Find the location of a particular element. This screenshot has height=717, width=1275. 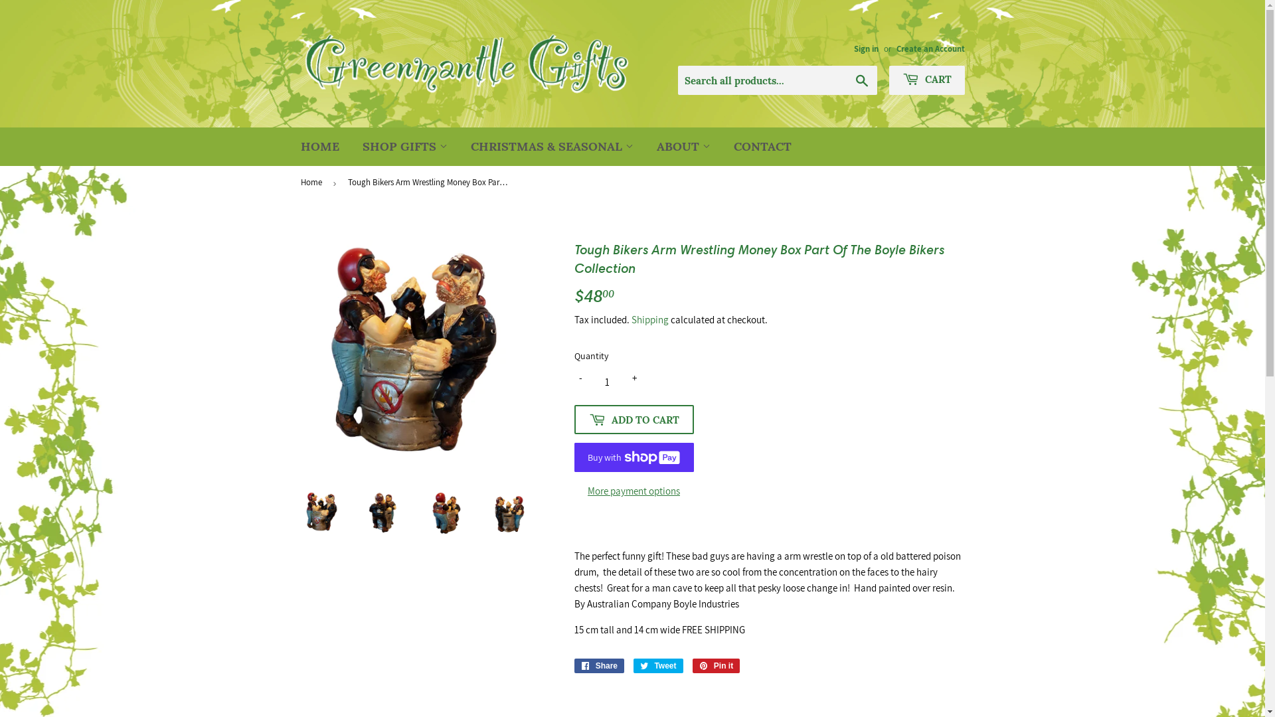

'ABOUT' is located at coordinates (647, 147).